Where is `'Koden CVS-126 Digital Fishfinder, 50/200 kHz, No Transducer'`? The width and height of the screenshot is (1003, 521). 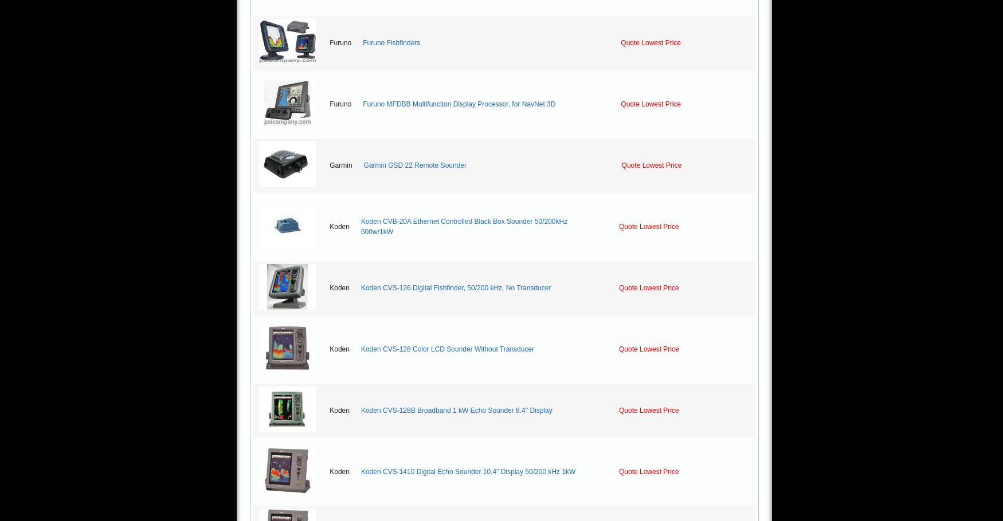
'Koden CVS-126 Digital Fishfinder, 50/200 kHz, No Transducer' is located at coordinates (455, 287).